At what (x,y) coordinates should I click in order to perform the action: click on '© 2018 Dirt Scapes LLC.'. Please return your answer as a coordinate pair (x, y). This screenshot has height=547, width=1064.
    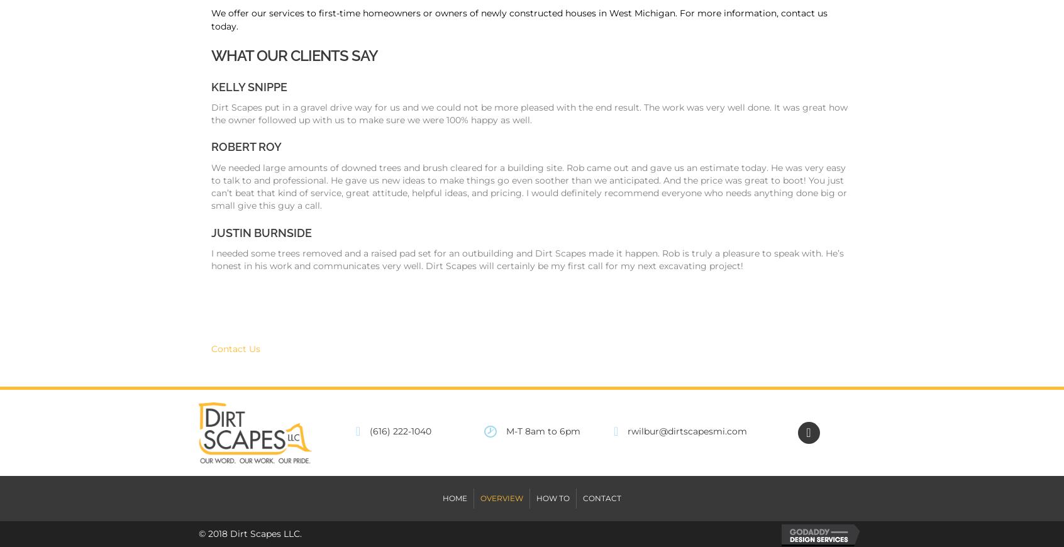
    Looking at the image, I should click on (250, 534).